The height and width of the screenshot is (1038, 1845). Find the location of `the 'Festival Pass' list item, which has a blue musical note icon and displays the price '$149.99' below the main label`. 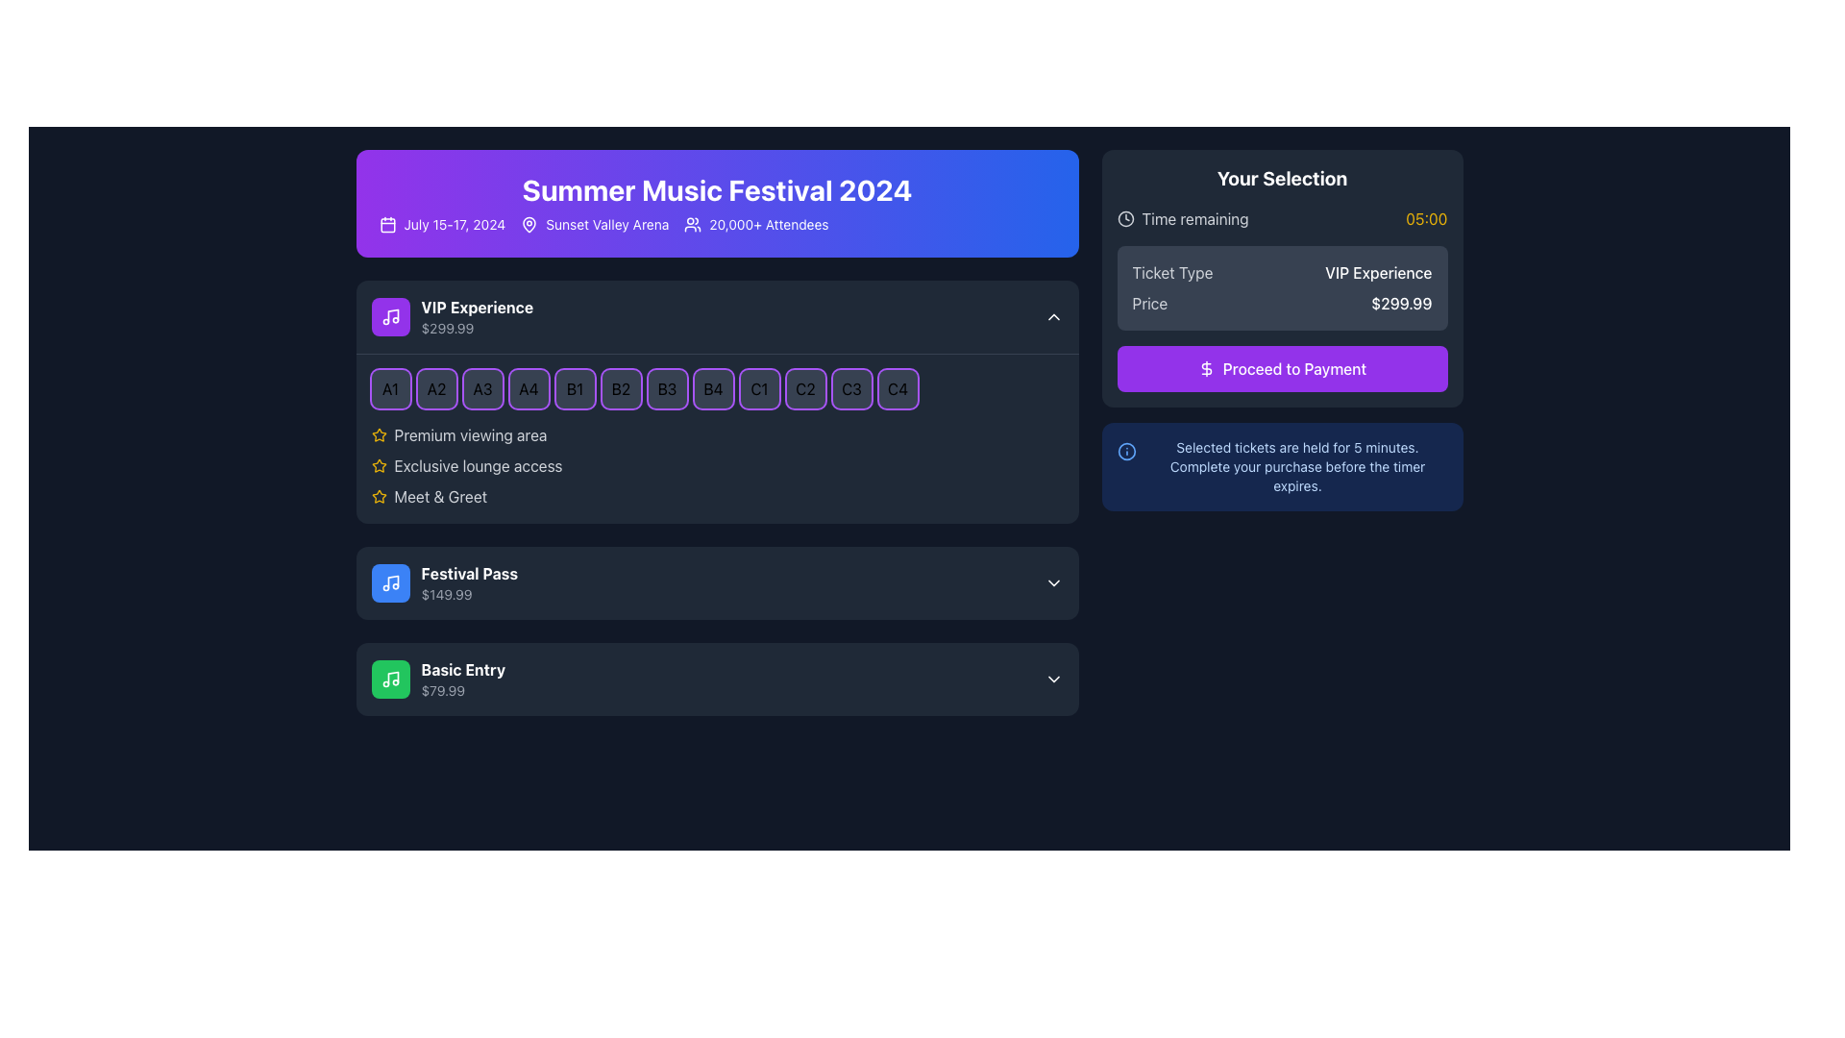

the 'Festival Pass' list item, which has a blue musical note icon and displays the price '$149.99' below the main label is located at coordinates (443, 581).